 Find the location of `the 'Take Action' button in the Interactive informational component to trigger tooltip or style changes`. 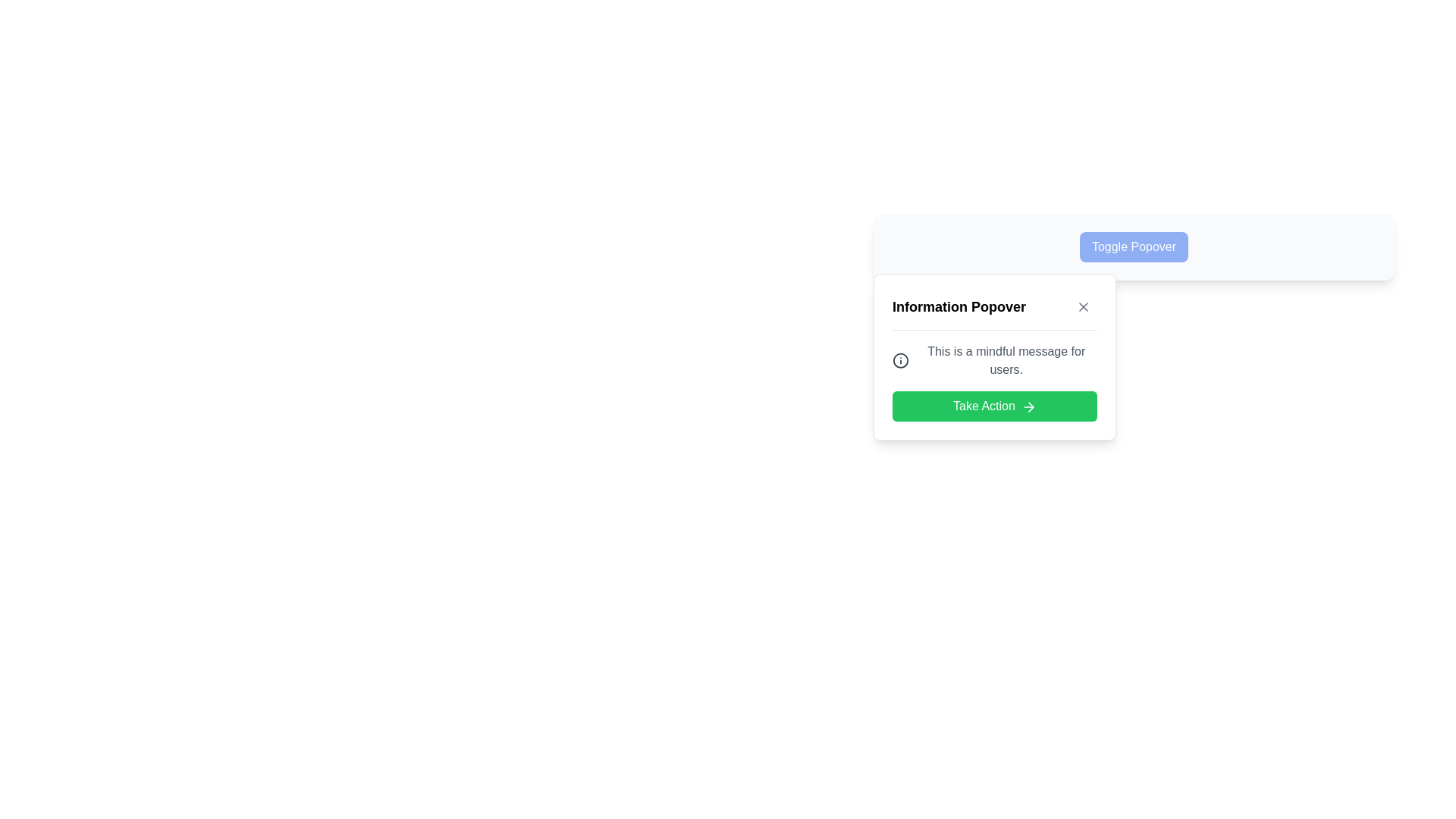

the 'Take Action' button in the Interactive informational component to trigger tooltip or style changes is located at coordinates (994, 381).